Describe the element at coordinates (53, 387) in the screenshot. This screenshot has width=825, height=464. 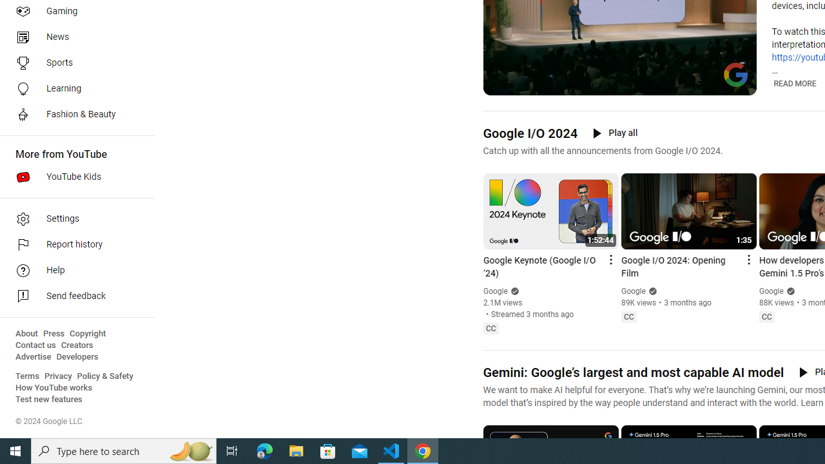
I see `'How YouTube works'` at that location.